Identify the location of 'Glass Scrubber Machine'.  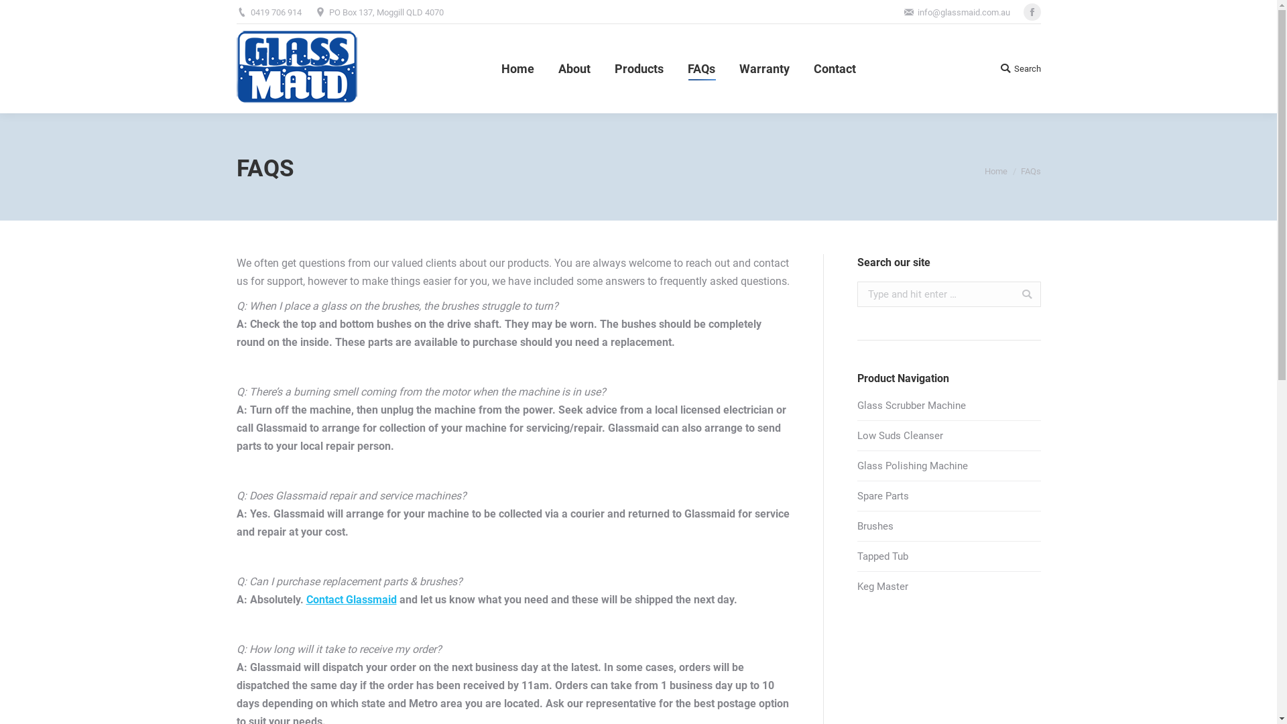
(910, 405).